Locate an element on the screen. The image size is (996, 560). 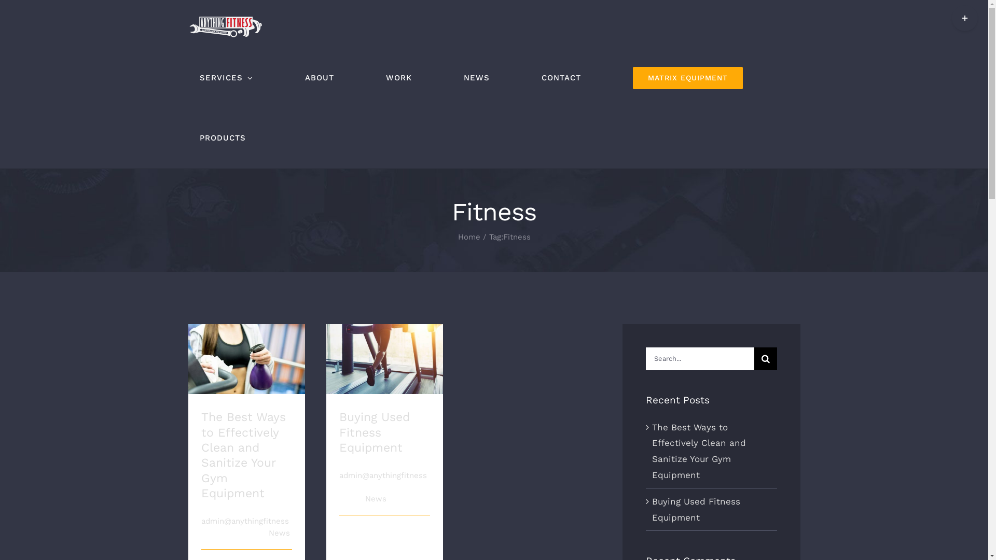
'News' is located at coordinates (375, 498).